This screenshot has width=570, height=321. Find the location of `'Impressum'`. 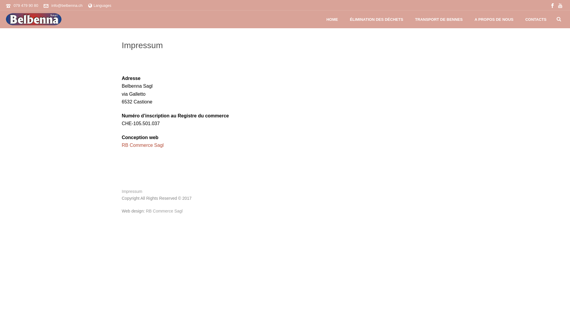

'Impressum' is located at coordinates (132, 191).